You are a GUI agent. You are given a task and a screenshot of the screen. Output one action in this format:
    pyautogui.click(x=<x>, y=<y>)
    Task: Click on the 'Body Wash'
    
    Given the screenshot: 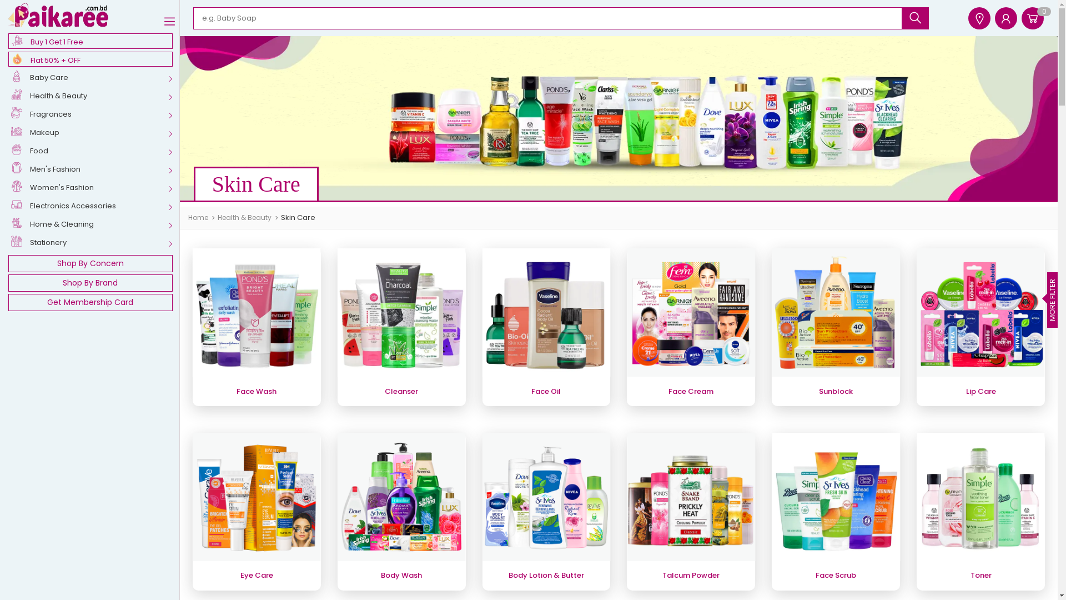 What is the action you would take?
    pyautogui.click(x=401, y=512)
    